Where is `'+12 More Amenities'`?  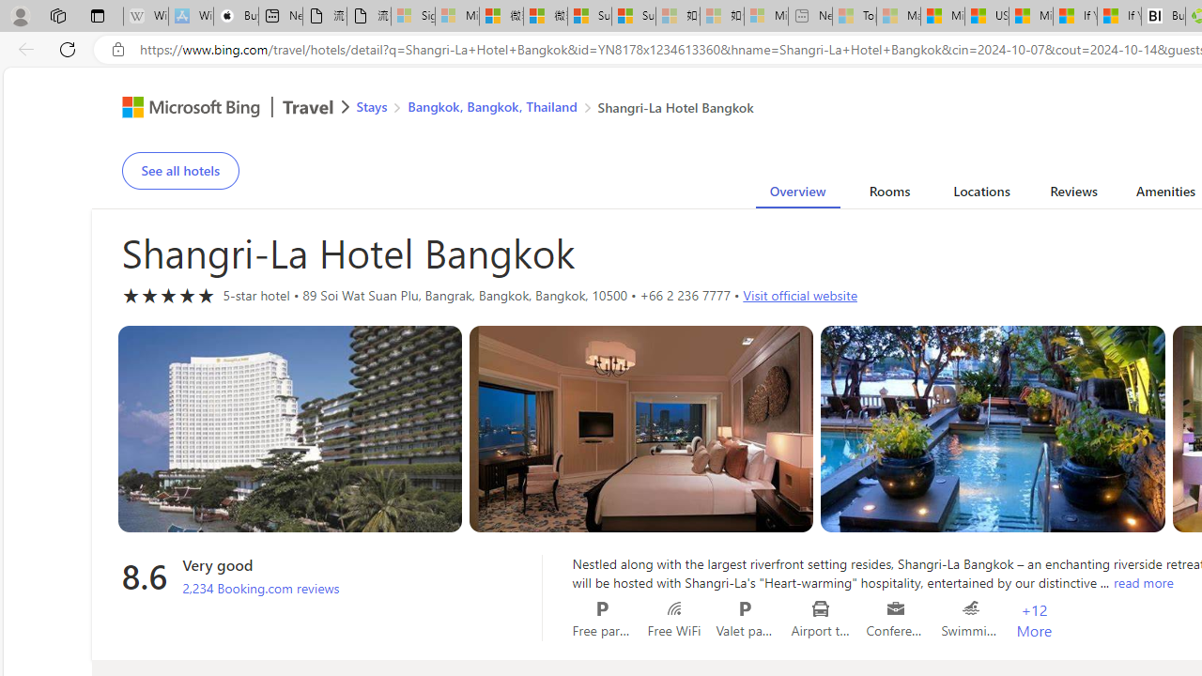 '+12 More Amenities' is located at coordinates (1033, 621).